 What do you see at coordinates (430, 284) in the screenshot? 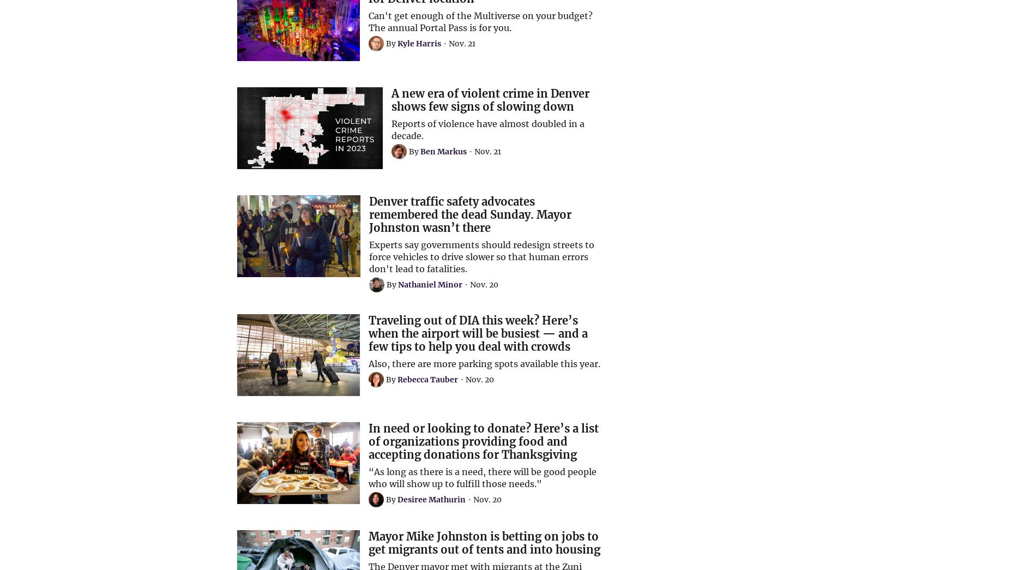
I see `'Nathaniel Minor'` at bounding box center [430, 284].